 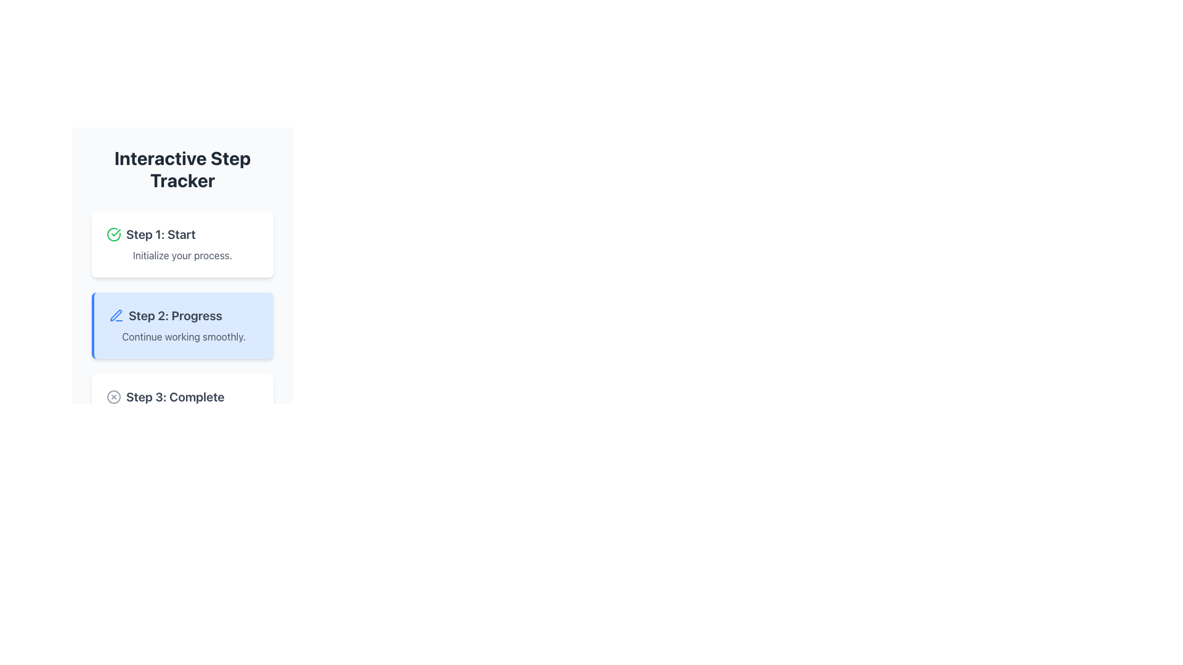 I want to click on the circular outline graphic representing Step 1 in the Interactive Step Tracker, which indicates completion with a green stroke, so click(x=114, y=235).